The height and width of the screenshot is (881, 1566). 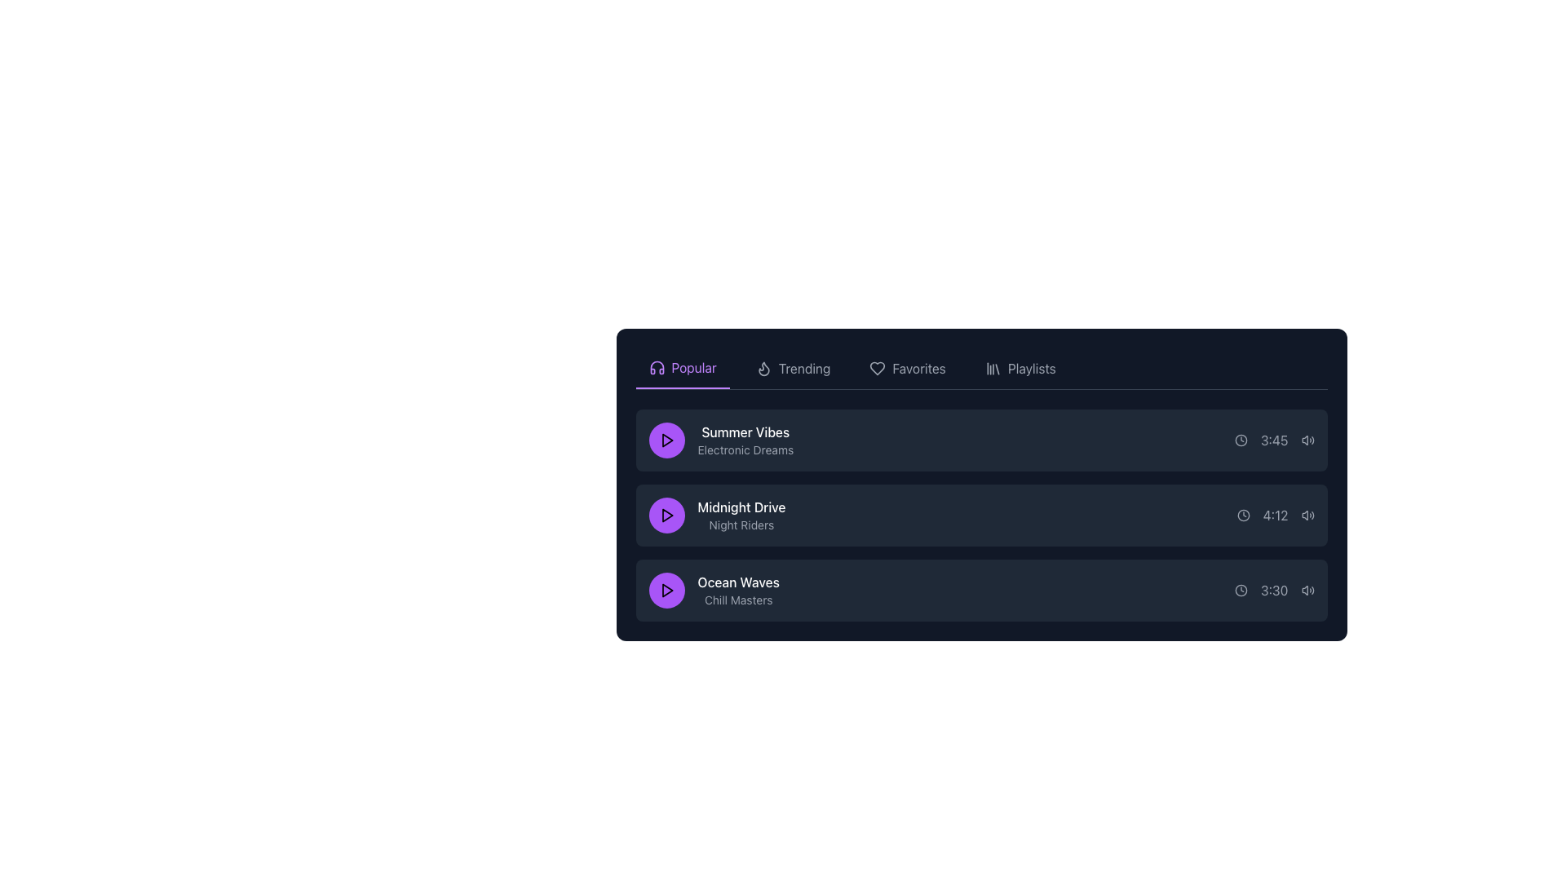 I want to click on the text element displaying the duration of the track 'Midnight Drive', located in the second row of the track list, adjacent to the volume icon on the right and the clock icon on the left, so click(x=1275, y=516).